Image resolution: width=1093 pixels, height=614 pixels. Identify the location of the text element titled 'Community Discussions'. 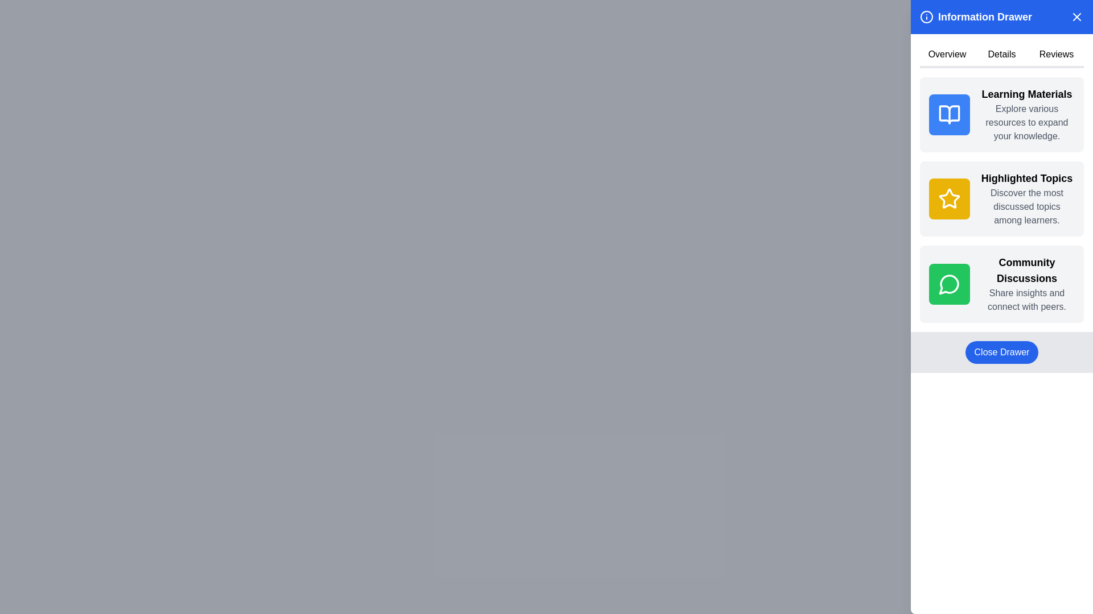
(1027, 284).